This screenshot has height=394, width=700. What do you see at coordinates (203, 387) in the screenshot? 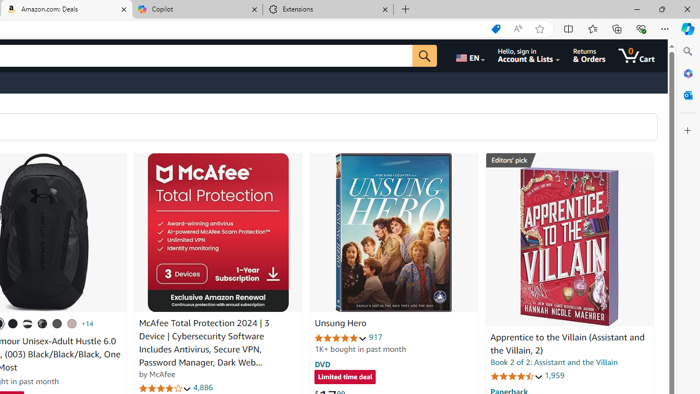
I see `'4,886'` at bounding box center [203, 387].